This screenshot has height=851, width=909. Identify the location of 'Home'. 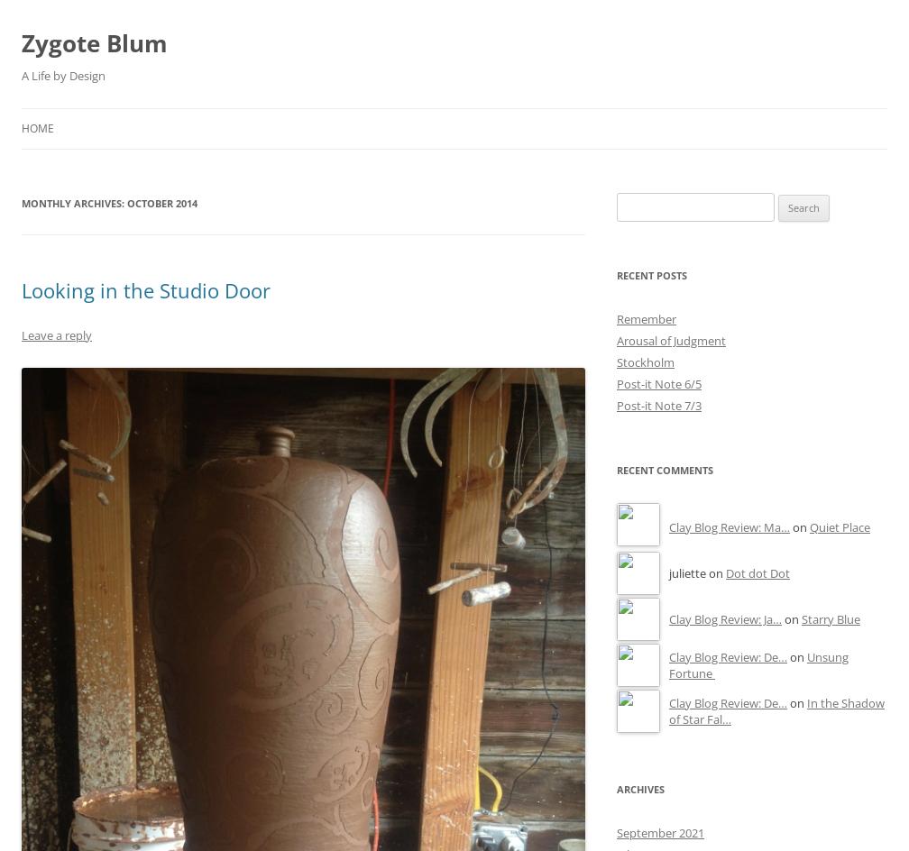
(38, 128).